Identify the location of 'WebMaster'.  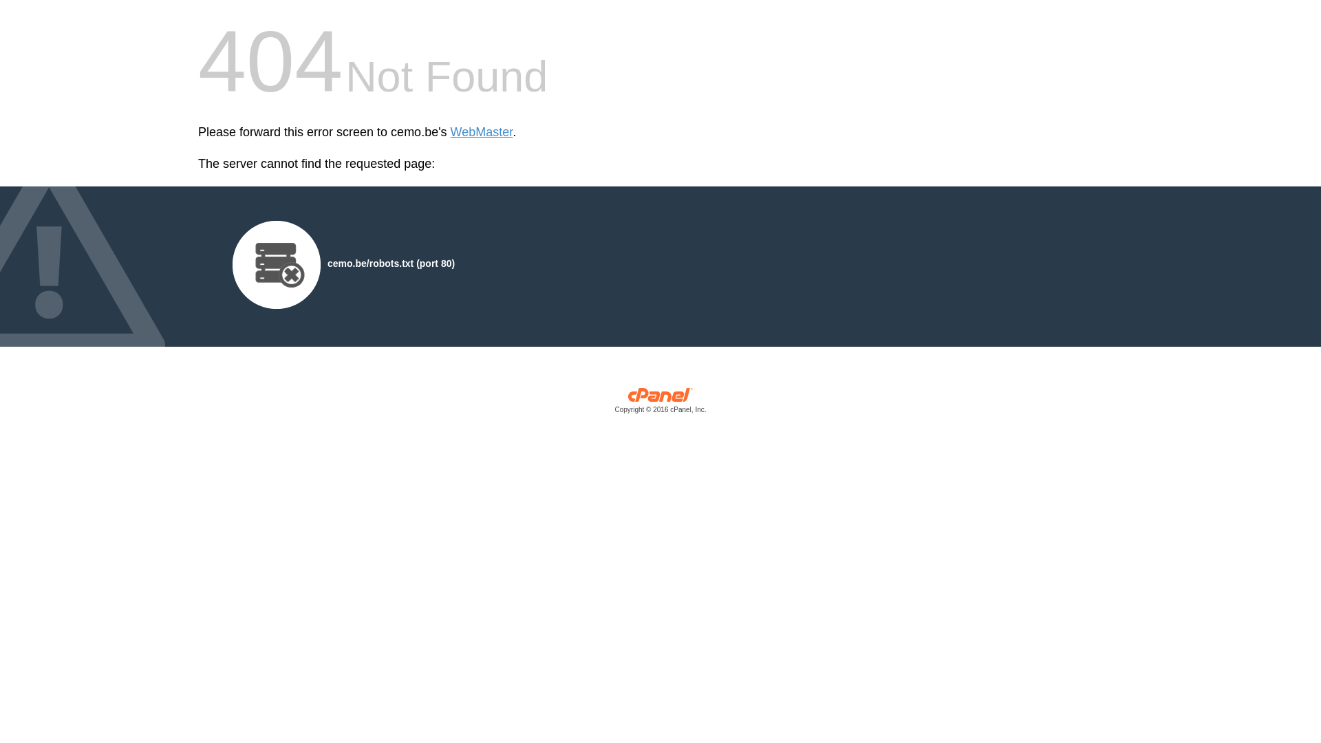
(482, 132).